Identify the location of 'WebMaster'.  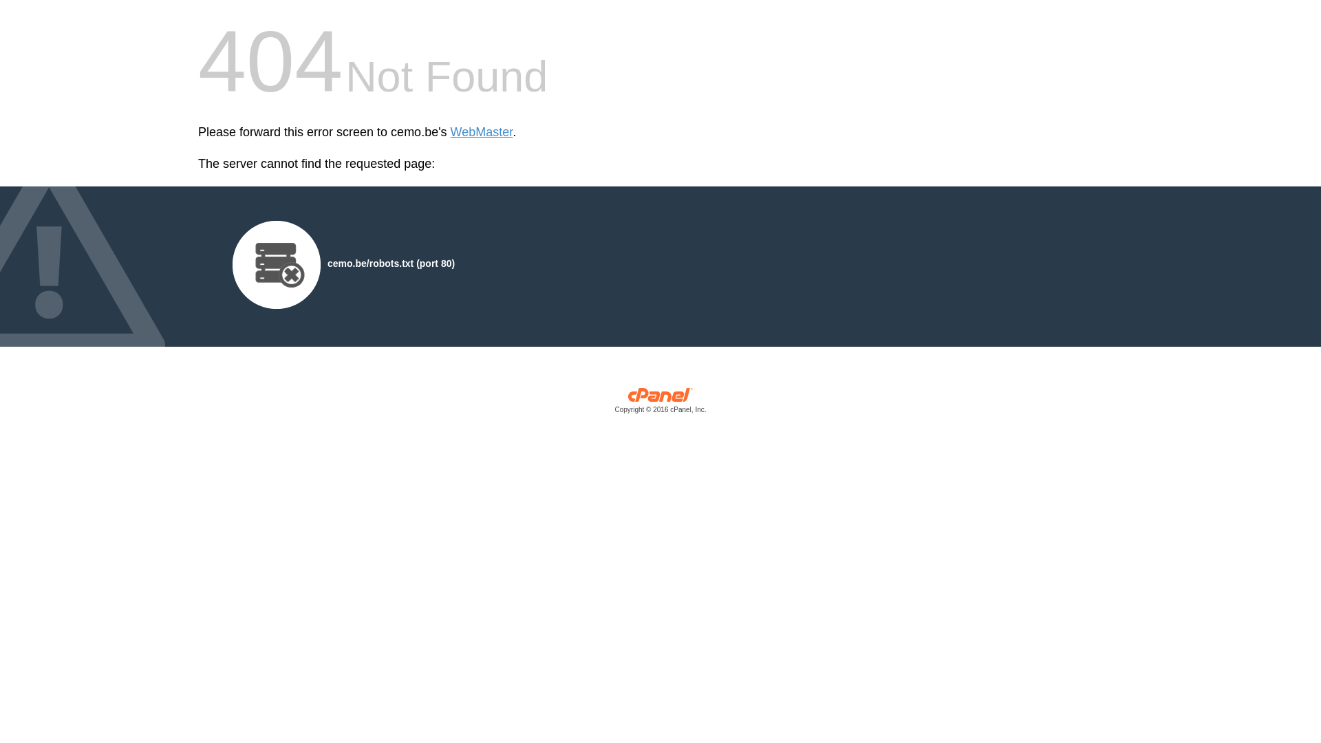
(482, 132).